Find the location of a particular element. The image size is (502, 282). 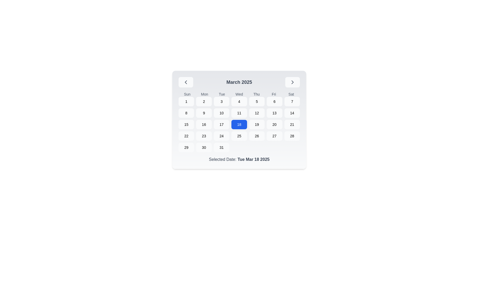

the button displaying the date '3' in the calendar, located in the first row and third column is located at coordinates (221, 102).